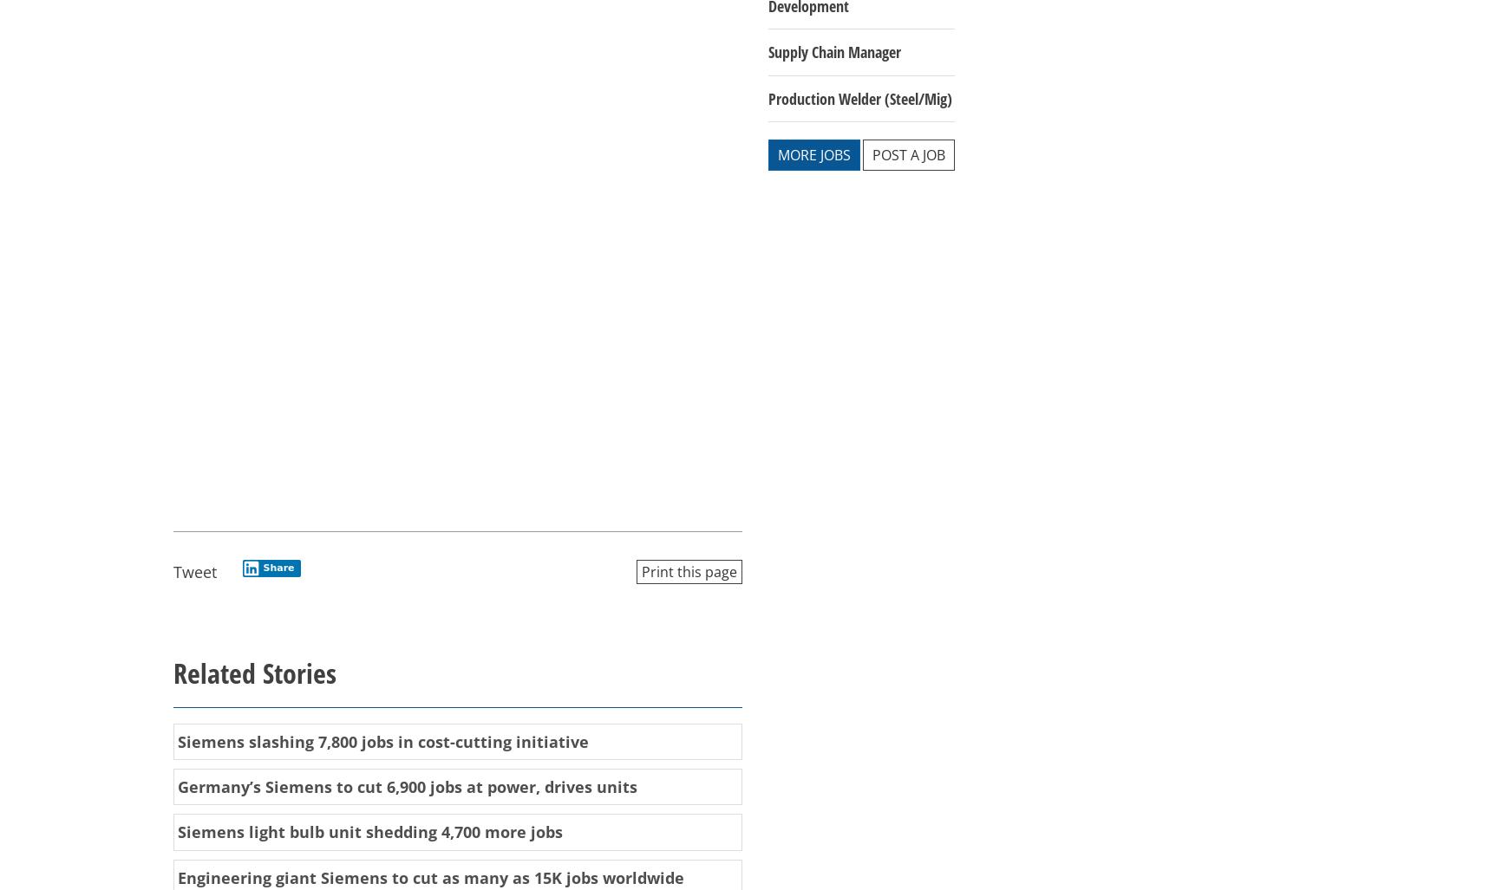 Image resolution: width=1496 pixels, height=890 pixels. What do you see at coordinates (253, 672) in the screenshot?
I see `'Related Stories'` at bounding box center [253, 672].